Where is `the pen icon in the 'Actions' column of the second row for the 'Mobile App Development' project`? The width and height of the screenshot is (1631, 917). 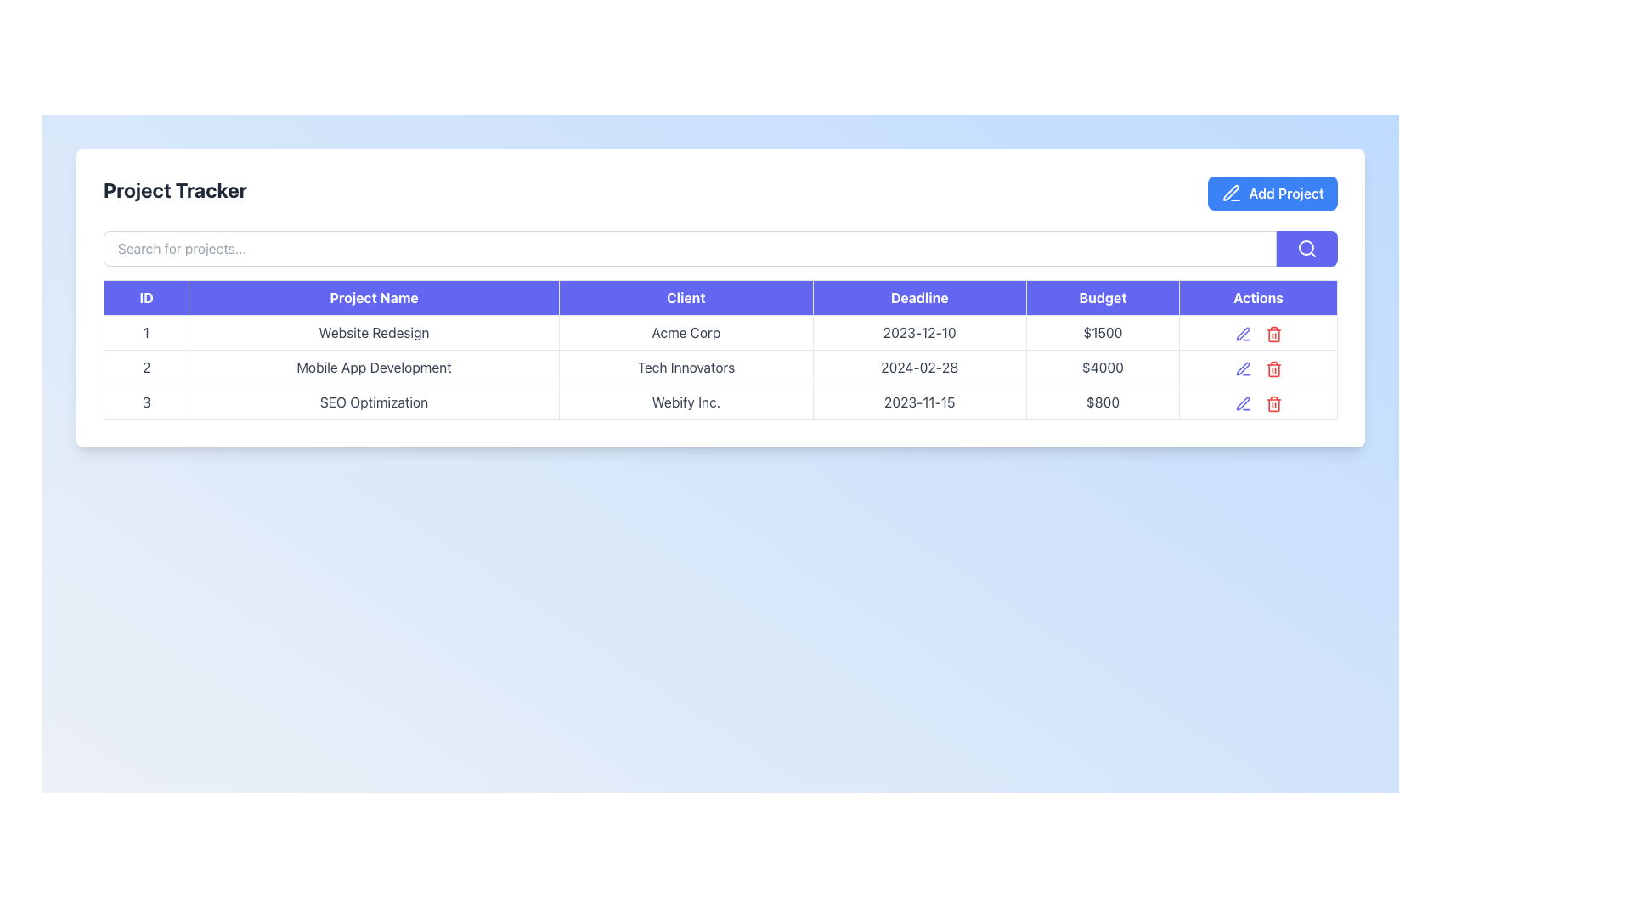 the pen icon in the 'Actions' column of the second row for the 'Mobile App Development' project is located at coordinates (1258, 366).